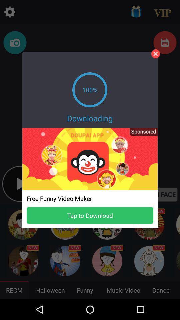  I want to click on tap to download button, so click(90, 215).